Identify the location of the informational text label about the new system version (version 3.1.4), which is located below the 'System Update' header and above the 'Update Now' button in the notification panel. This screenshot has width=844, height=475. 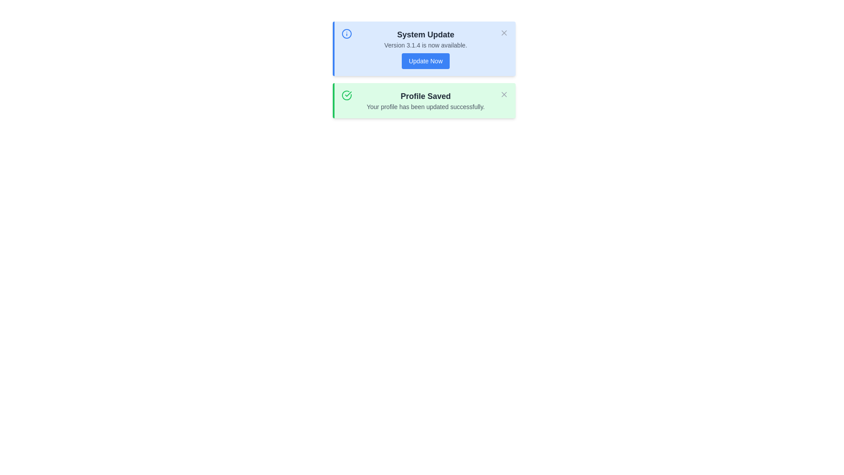
(426, 45).